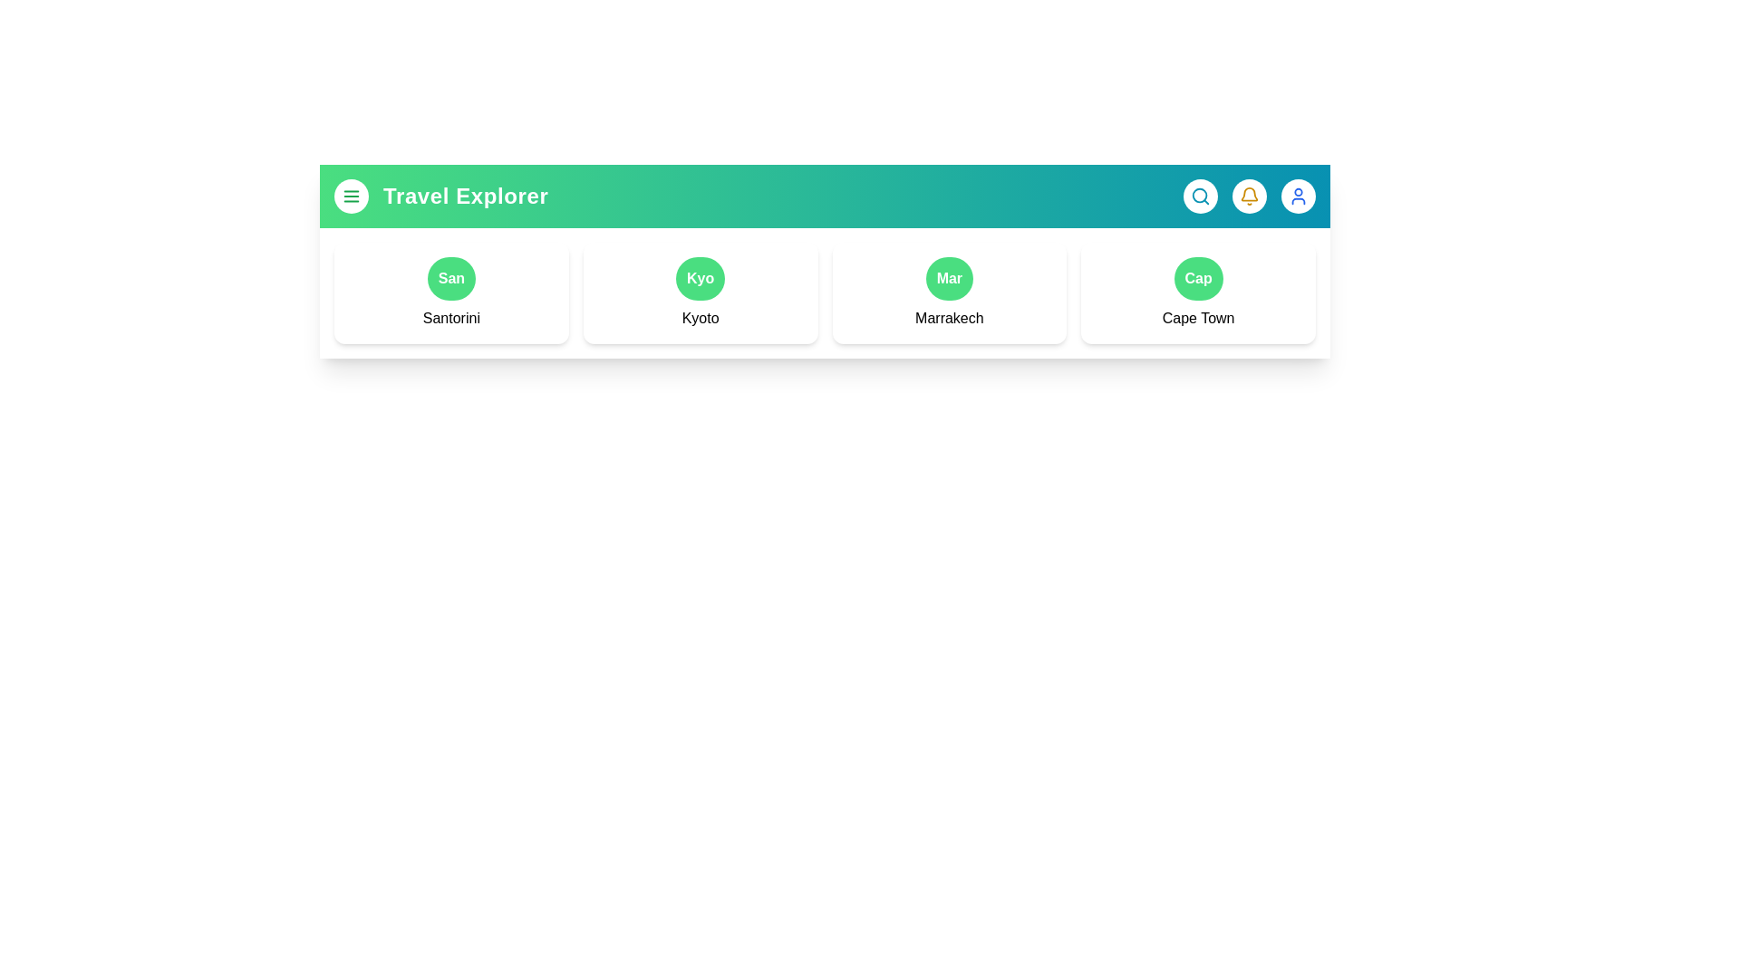 This screenshot has height=978, width=1740. I want to click on the button representing the destination Cape Town, so click(1198, 279).